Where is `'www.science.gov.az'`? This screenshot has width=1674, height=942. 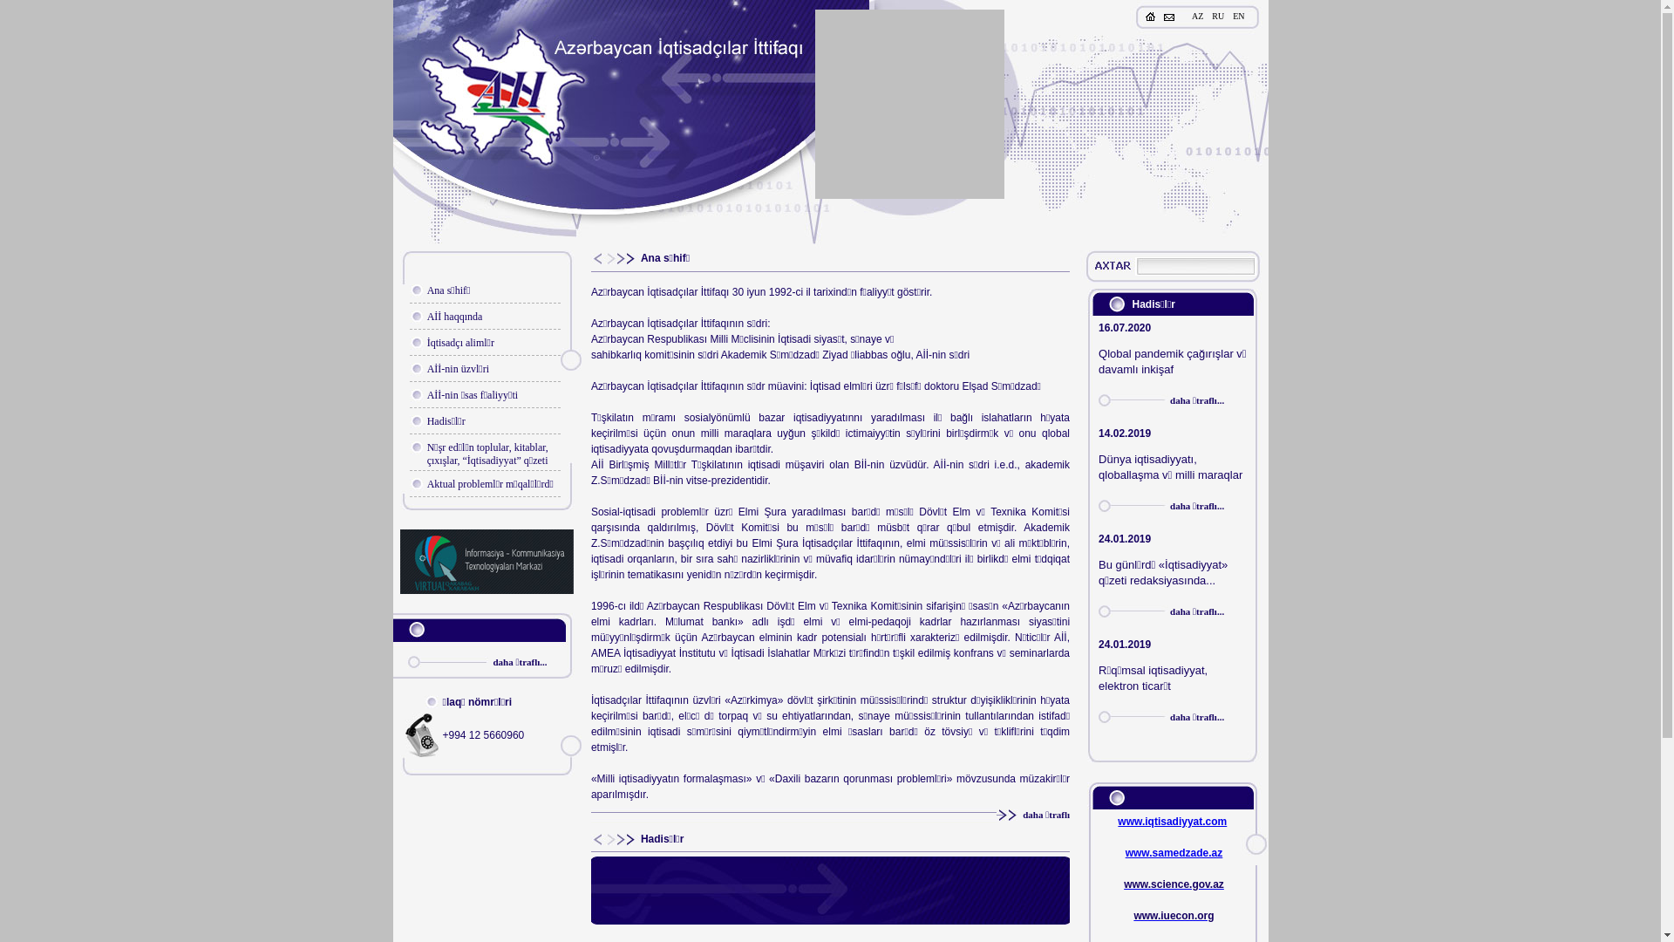 'www.science.gov.az' is located at coordinates (1174, 884).